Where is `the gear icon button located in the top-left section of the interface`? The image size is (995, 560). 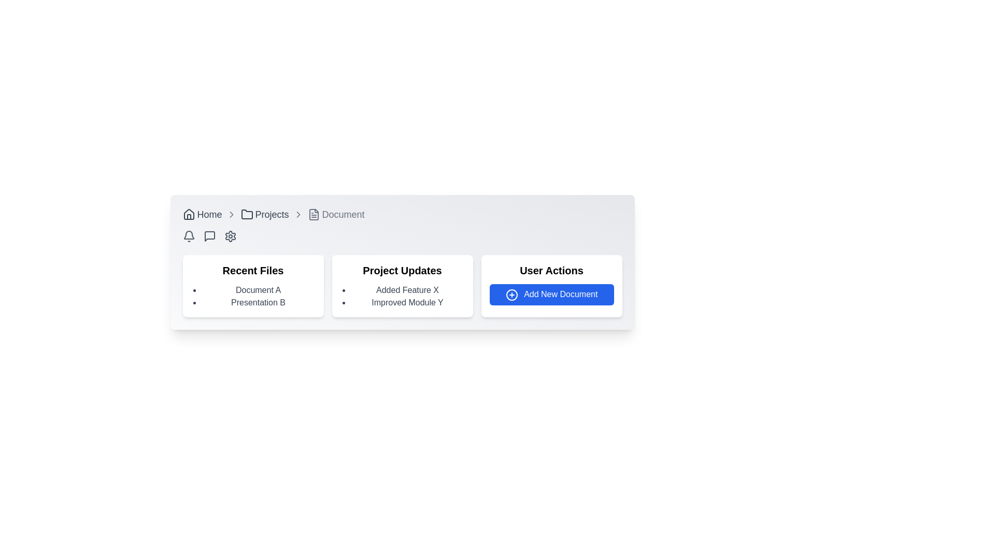 the gear icon button located in the top-left section of the interface is located at coordinates (230, 236).